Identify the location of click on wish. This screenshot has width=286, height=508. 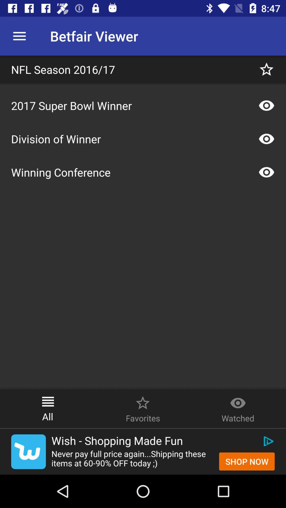
(28, 451).